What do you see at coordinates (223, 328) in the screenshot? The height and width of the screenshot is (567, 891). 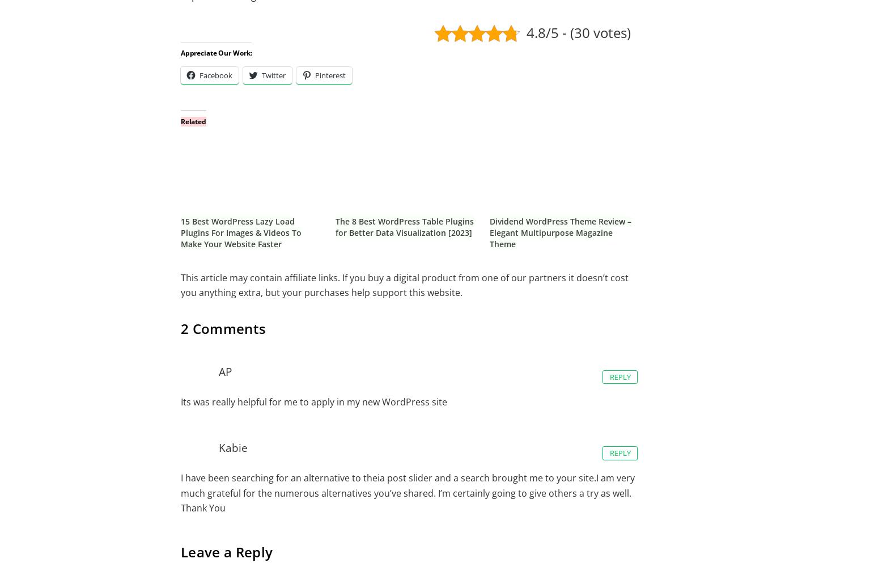 I see `'2 Comments'` at bounding box center [223, 328].